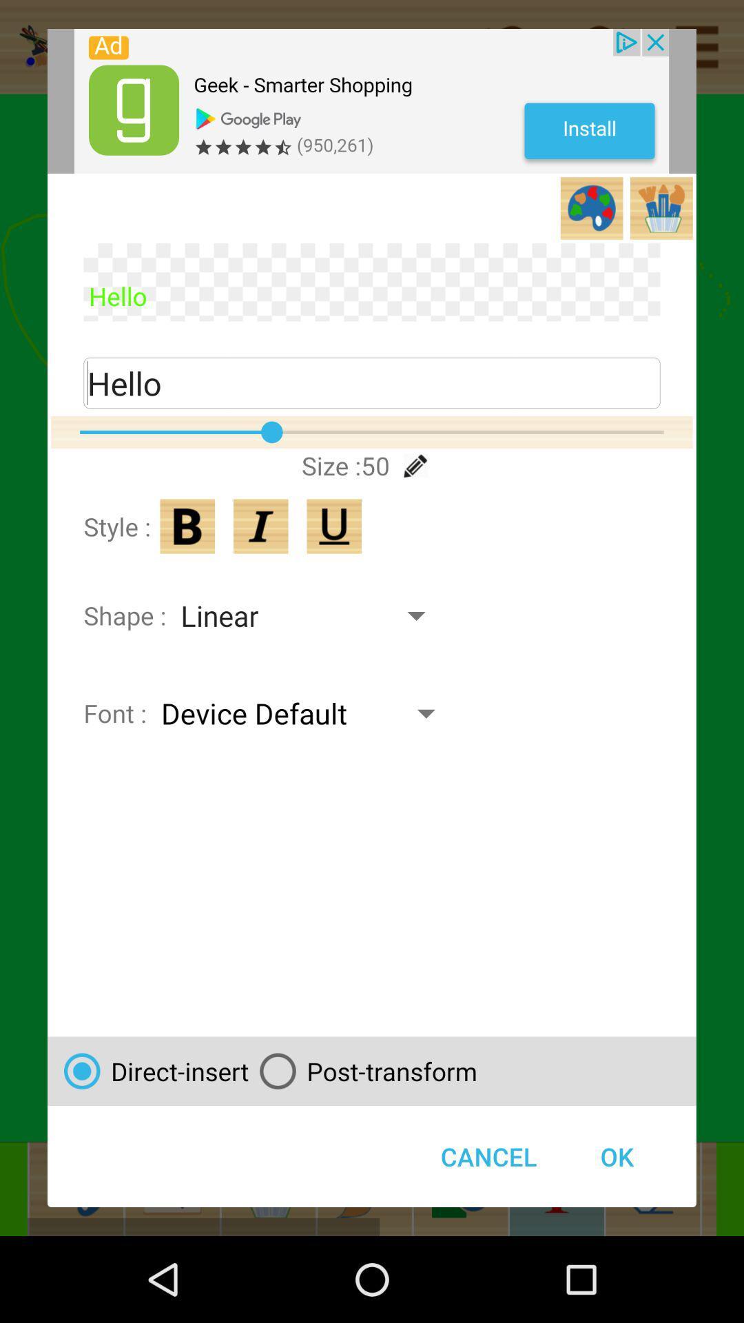 The height and width of the screenshot is (1323, 744). I want to click on paintastic draw color paint, so click(260, 526).